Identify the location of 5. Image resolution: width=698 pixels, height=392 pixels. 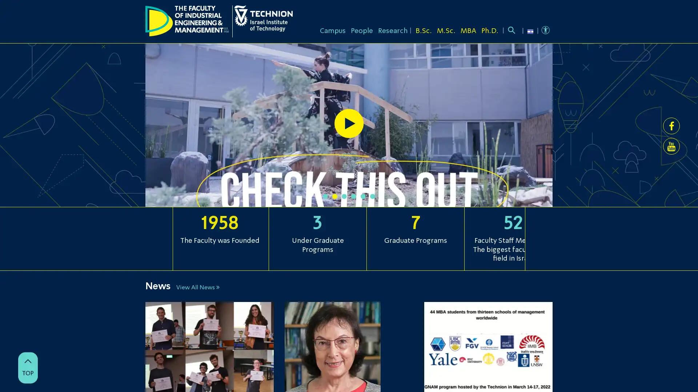
(363, 196).